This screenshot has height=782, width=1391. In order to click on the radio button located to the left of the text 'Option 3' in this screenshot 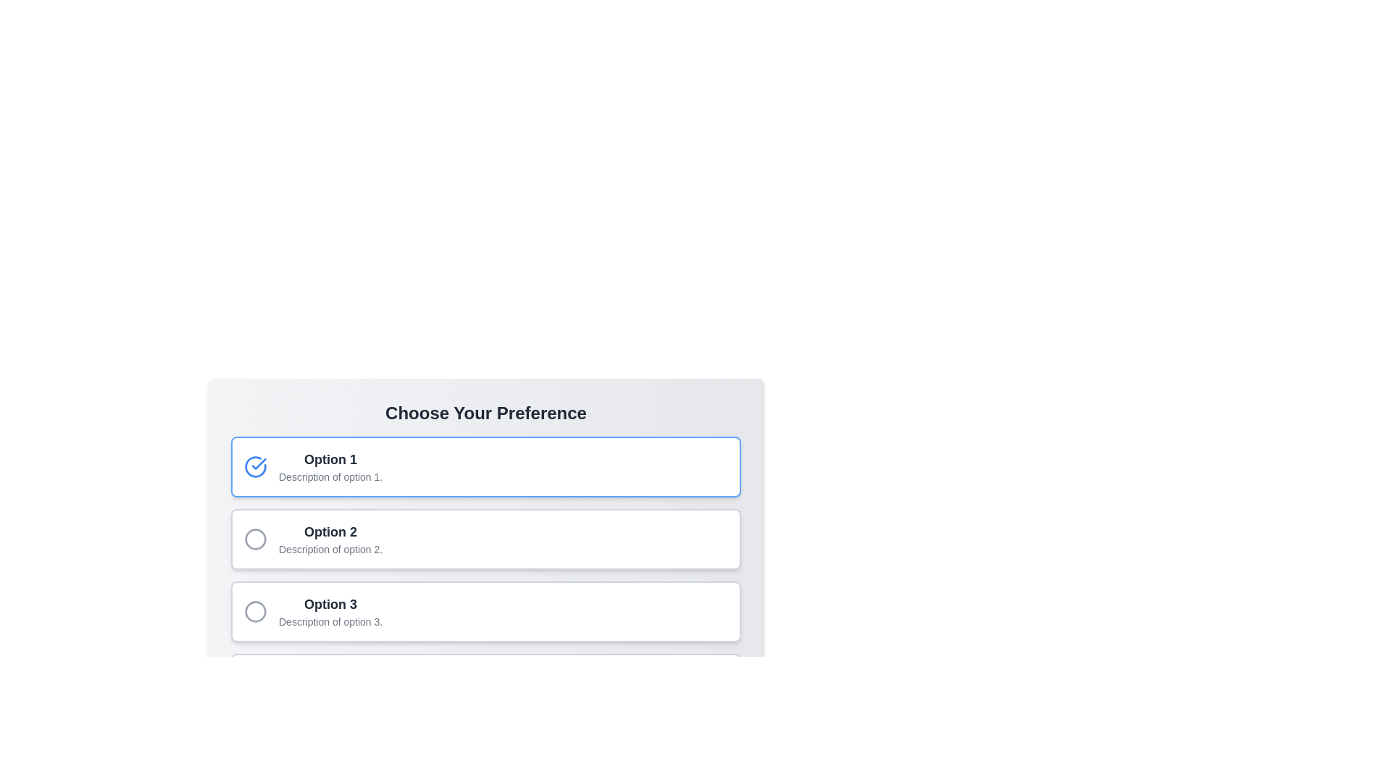, I will do `click(256, 611)`.